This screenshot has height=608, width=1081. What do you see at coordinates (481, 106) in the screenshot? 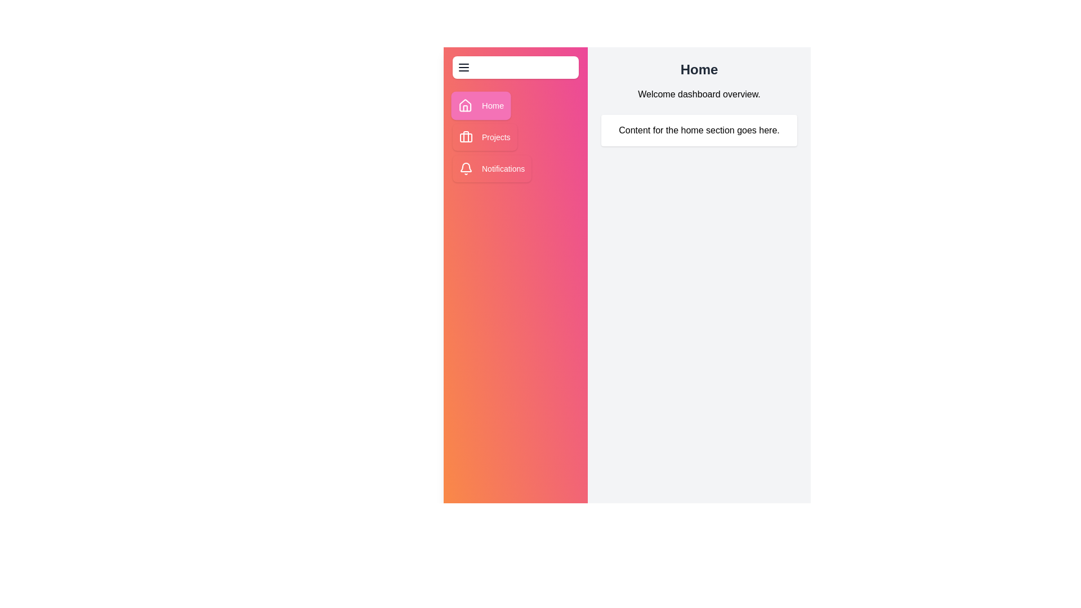
I see `the Home button to navigate to the respective section` at bounding box center [481, 106].